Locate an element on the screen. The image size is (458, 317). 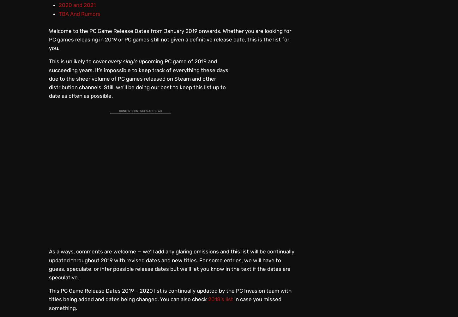
'This is unlikely to cover' is located at coordinates (49, 61).